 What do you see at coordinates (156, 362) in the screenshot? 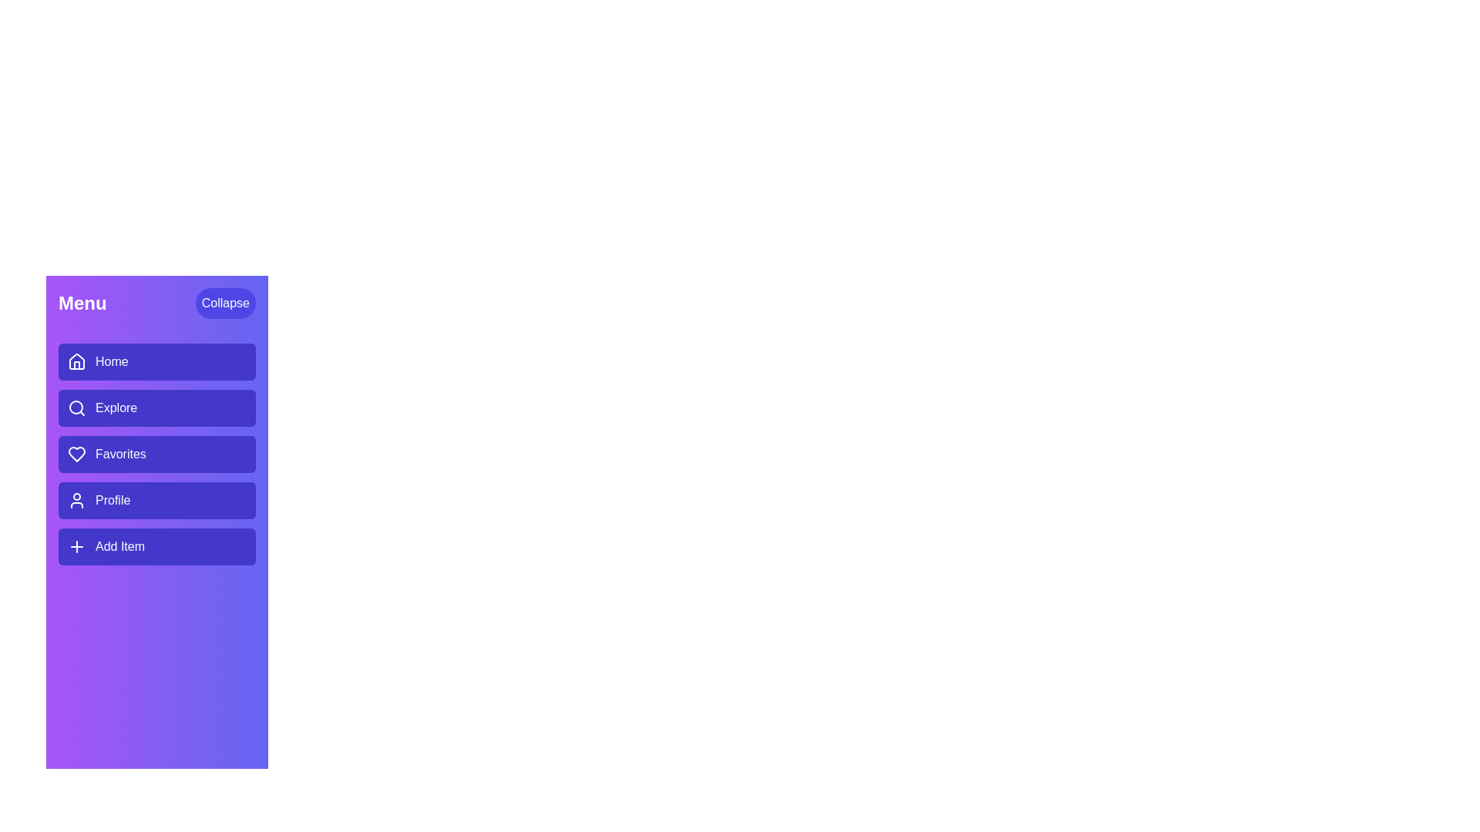
I see `the menu item labeled Home` at bounding box center [156, 362].